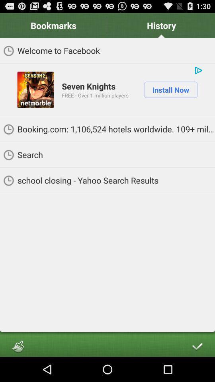 This screenshot has width=215, height=382. Describe the element at coordinates (88, 86) in the screenshot. I see `the icon below welcome to facebook` at that location.